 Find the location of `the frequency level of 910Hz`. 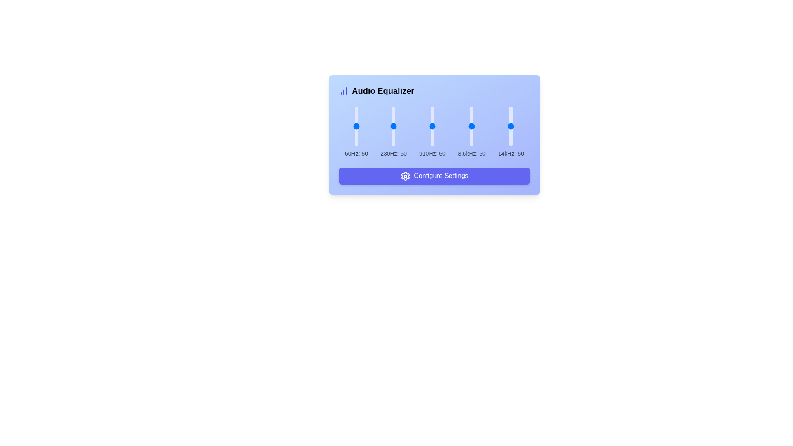

the frequency level of 910Hz is located at coordinates (432, 108).